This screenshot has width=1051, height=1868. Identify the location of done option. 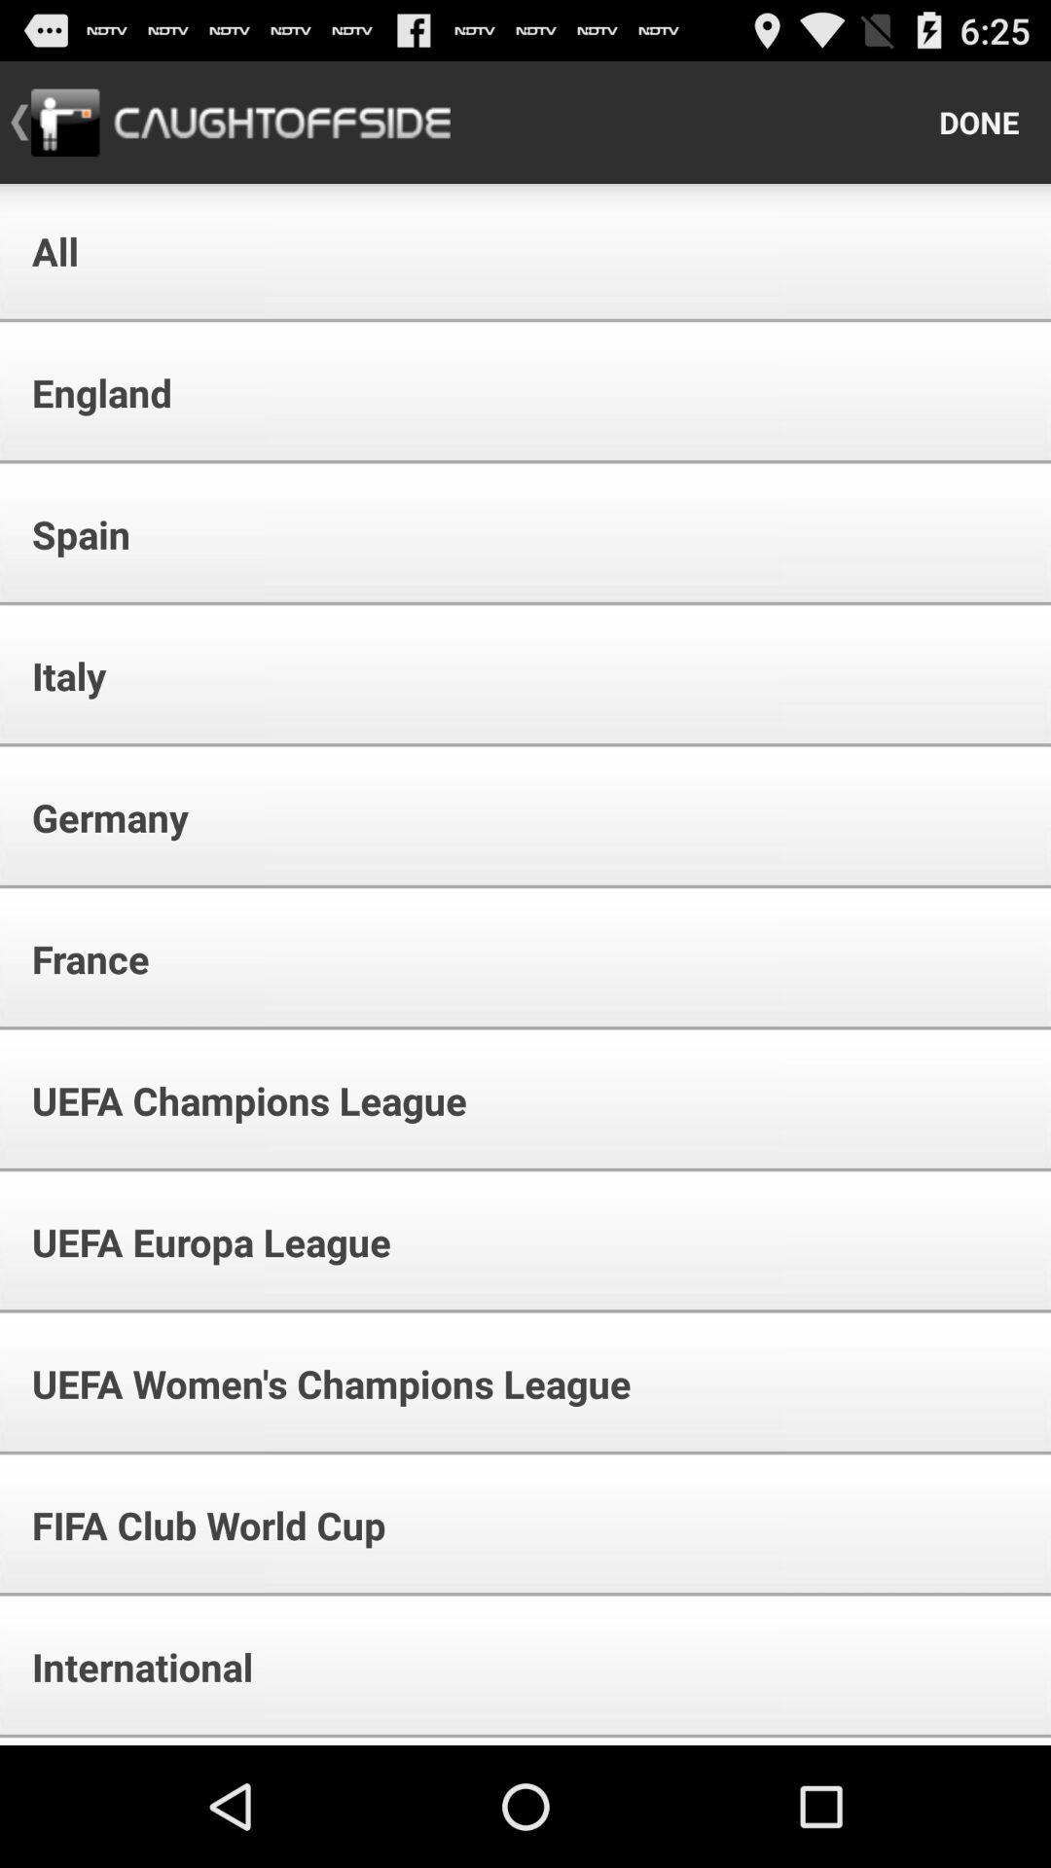
(979, 121).